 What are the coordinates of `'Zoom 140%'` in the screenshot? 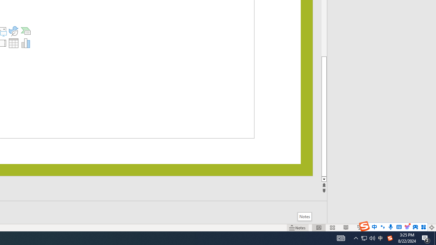 It's located at (420, 228).